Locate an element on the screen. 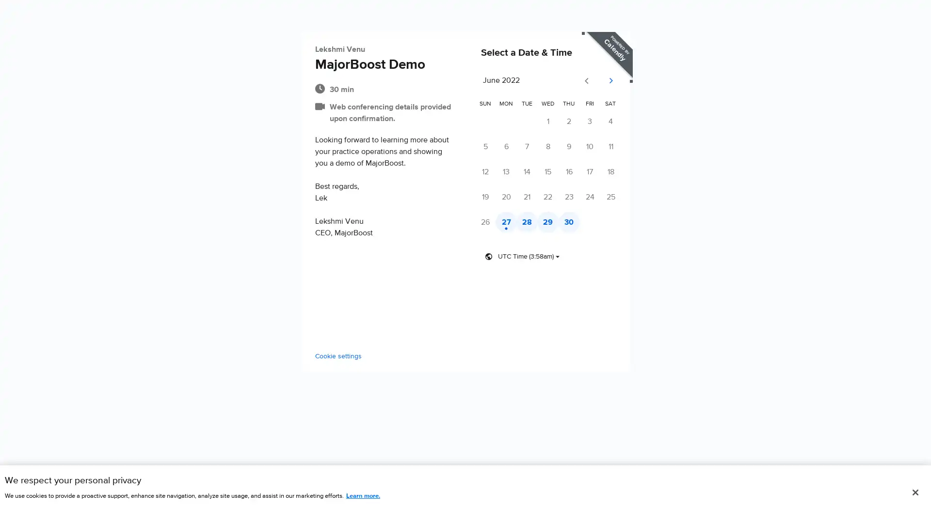 Image resolution: width=931 pixels, height=523 pixels. Saturday, June 4 - No times available is located at coordinates (637, 121).